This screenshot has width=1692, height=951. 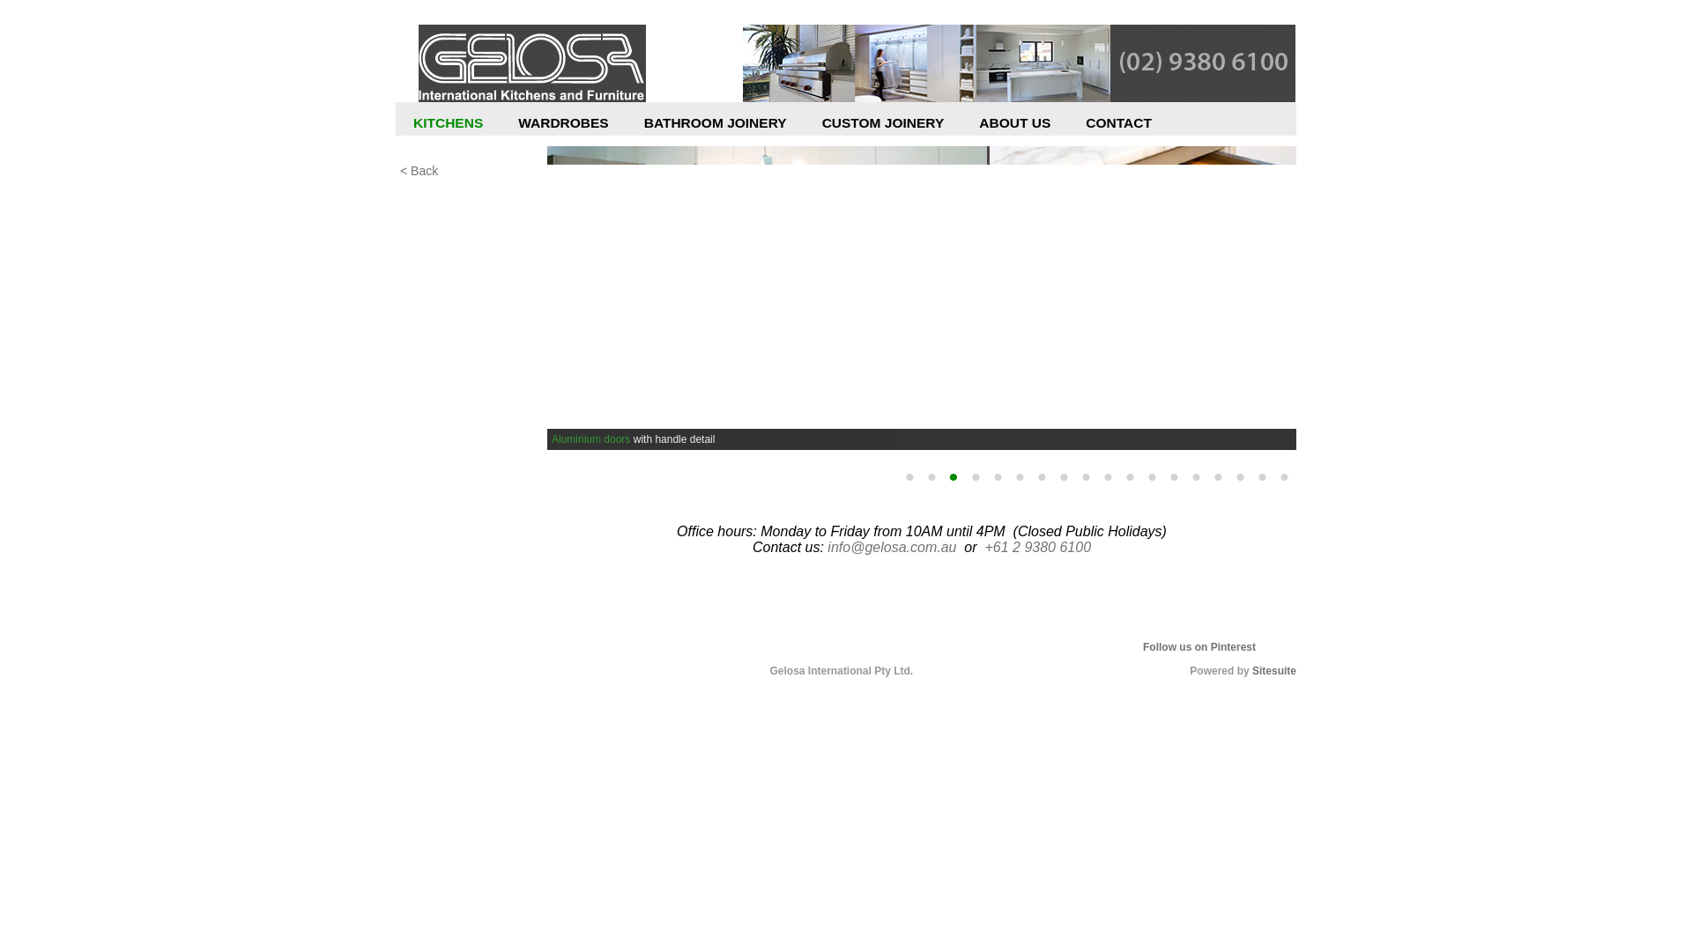 What do you see at coordinates (900, 477) in the screenshot?
I see `'1'` at bounding box center [900, 477].